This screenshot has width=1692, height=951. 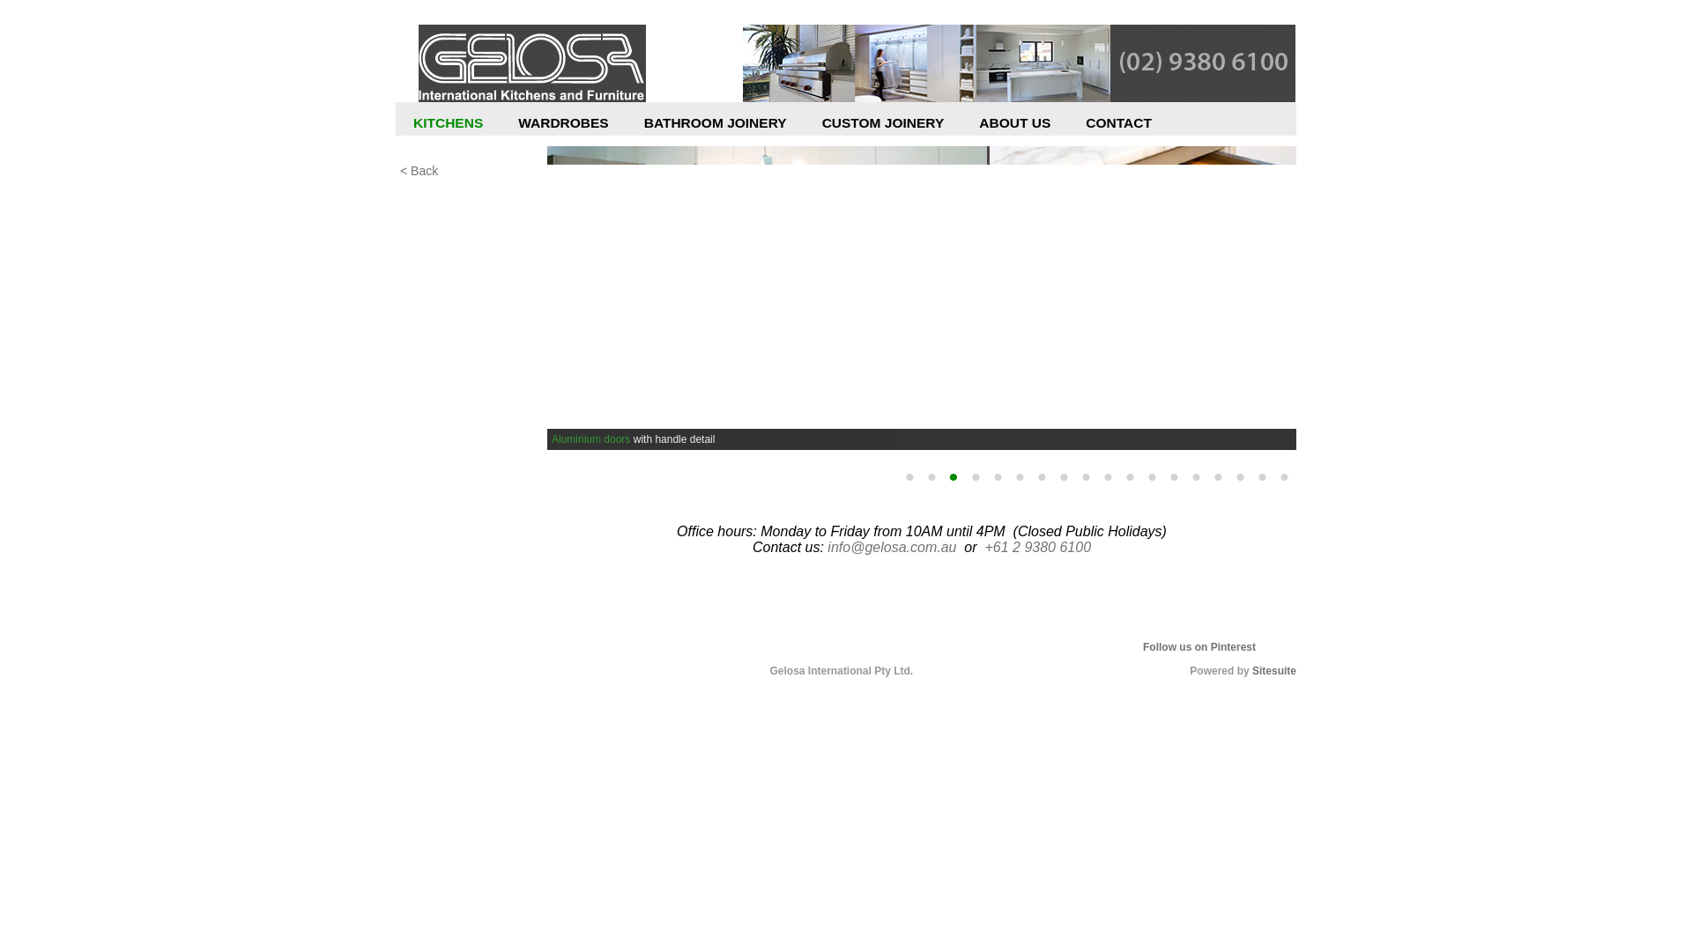 What do you see at coordinates (900, 477) in the screenshot?
I see `'1'` at bounding box center [900, 477].